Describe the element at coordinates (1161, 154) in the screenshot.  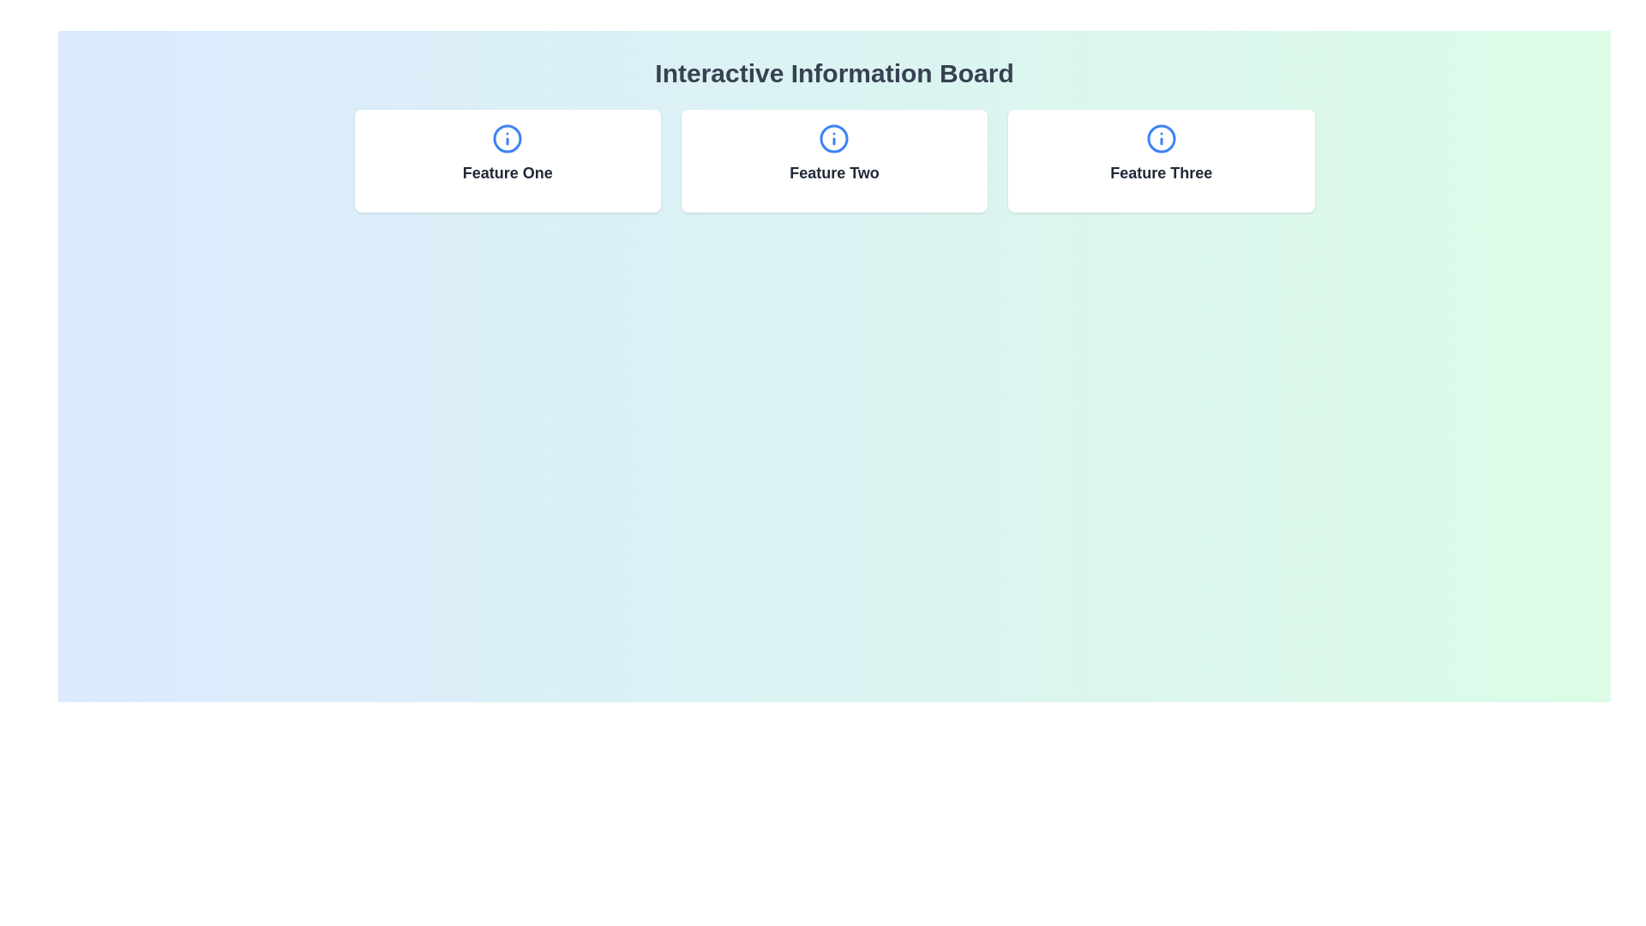
I see `text from the bottom-center Text Label of the third card in a row of three horizontally aligned cards` at that location.